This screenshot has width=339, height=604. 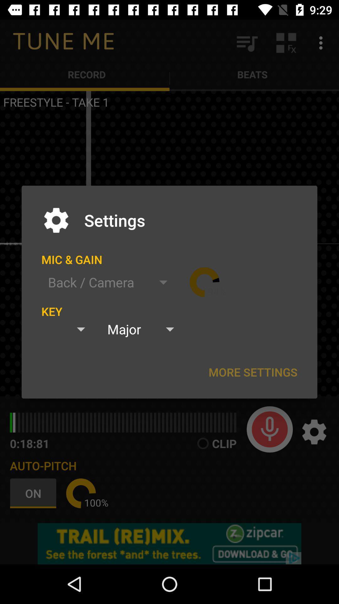 What do you see at coordinates (81, 493) in the screenshot?
I see `icon next to on` at bounding box center [81, 493].